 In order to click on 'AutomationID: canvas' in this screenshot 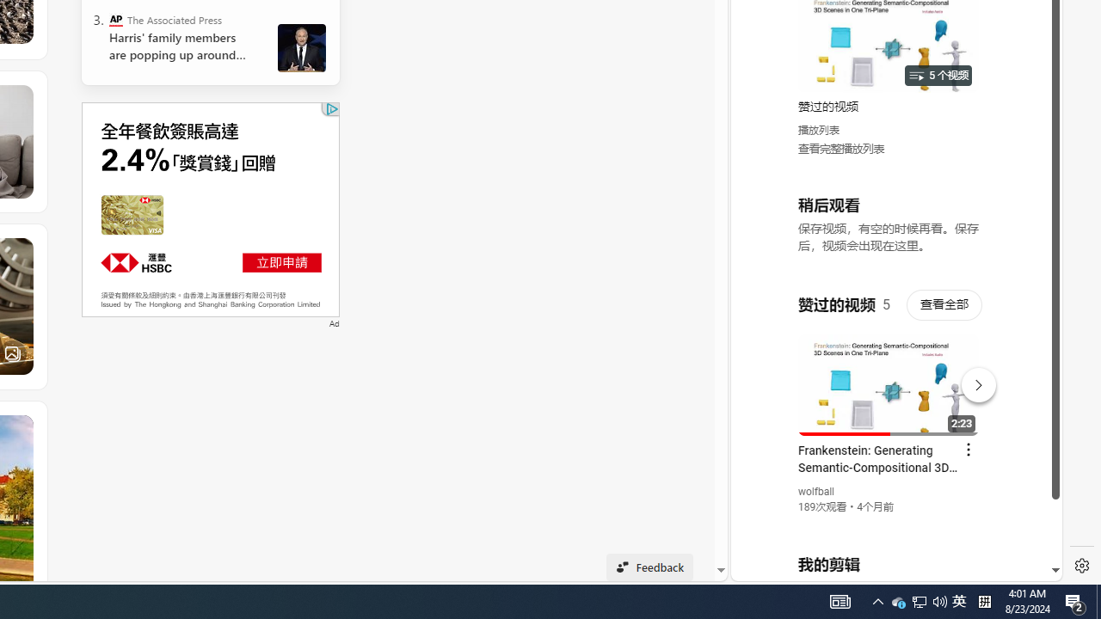, I will do `click(210, 208)`.